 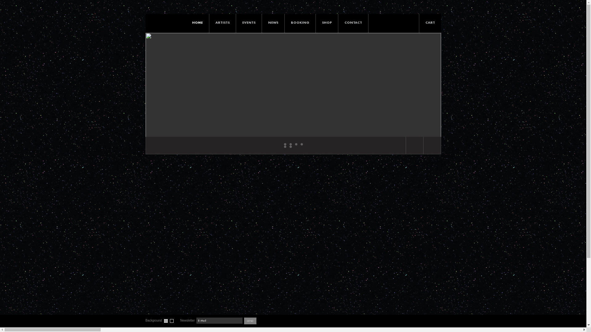 What do you see at coordinates (430, 30) in the screenshot?
I see `'CART'` at bounding box center [430, 30].